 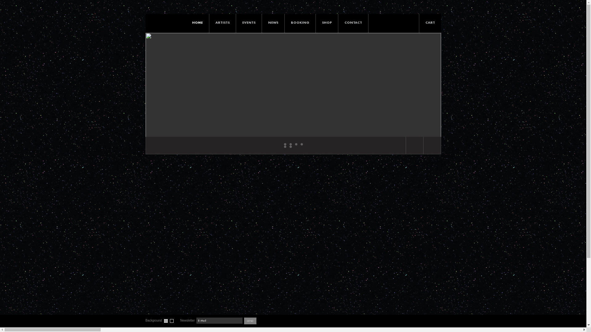 What do you see at coordinates (430, 30) in the screenshot?
I see `'CART'` at bounding box center [430, 30].